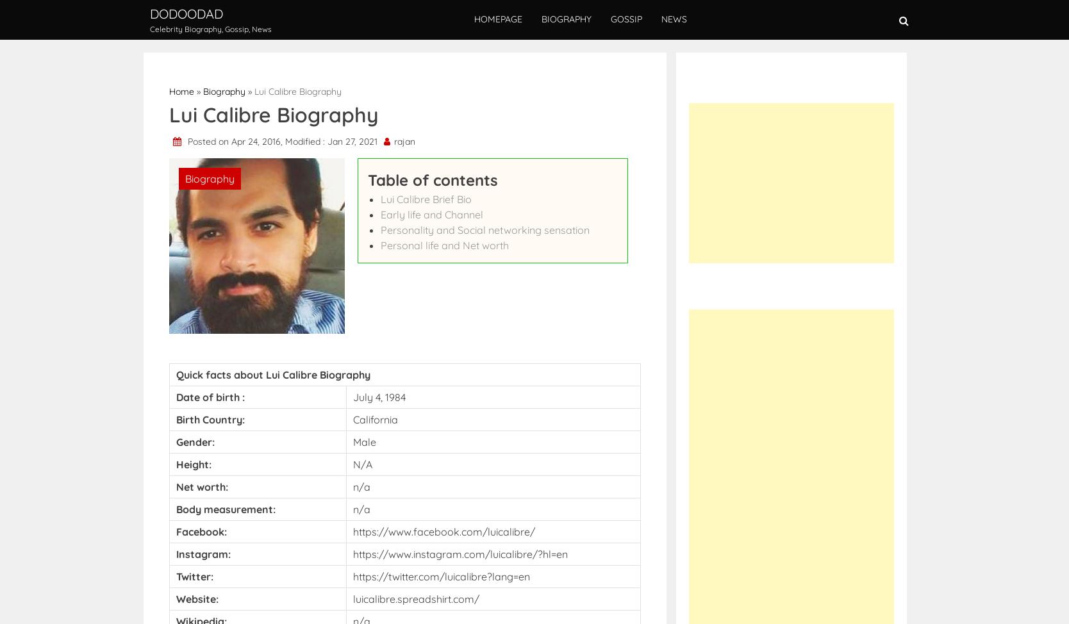  What do you see at coordinates (626, 19) in the screenshot?
I see `'Gossip'` at bounding box center [626, 19].